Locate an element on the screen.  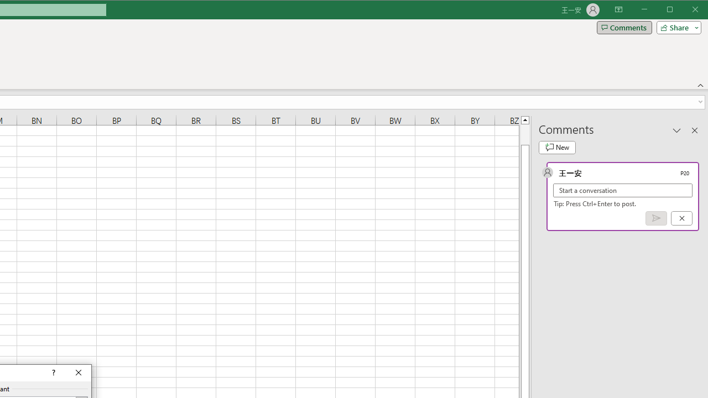
'Post comment (Ctrl + Enter)' is located at coordinates (656, 218).